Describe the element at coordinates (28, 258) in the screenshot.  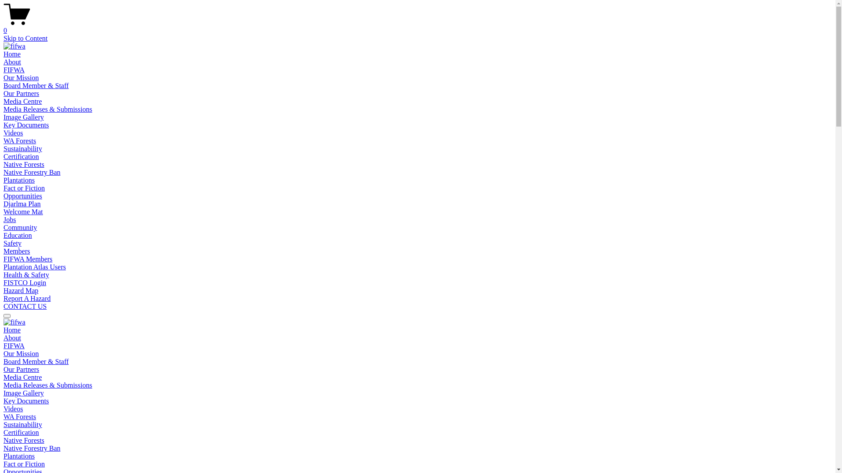
I see `'FIFWA Members'` at that location.